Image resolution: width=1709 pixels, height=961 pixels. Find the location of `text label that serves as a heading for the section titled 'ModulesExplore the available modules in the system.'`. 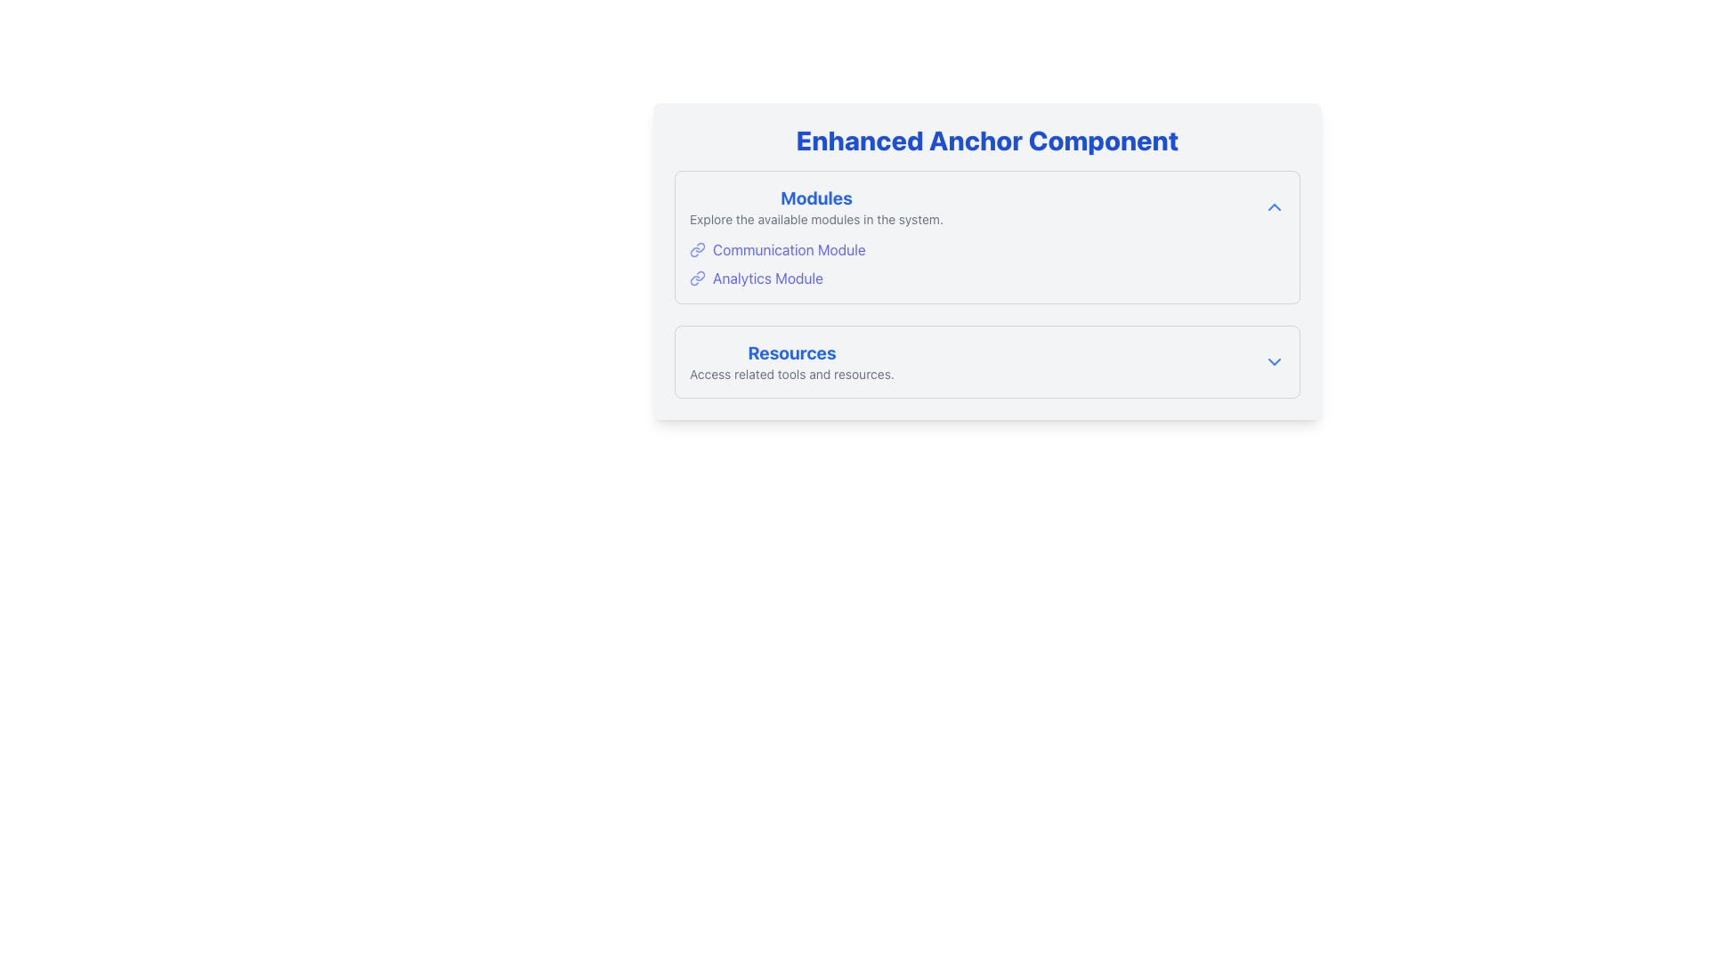

text label that serves as a heading for the section titled 'ModulesExplore the available modules in the system.' is located at coordinates (815, 198).